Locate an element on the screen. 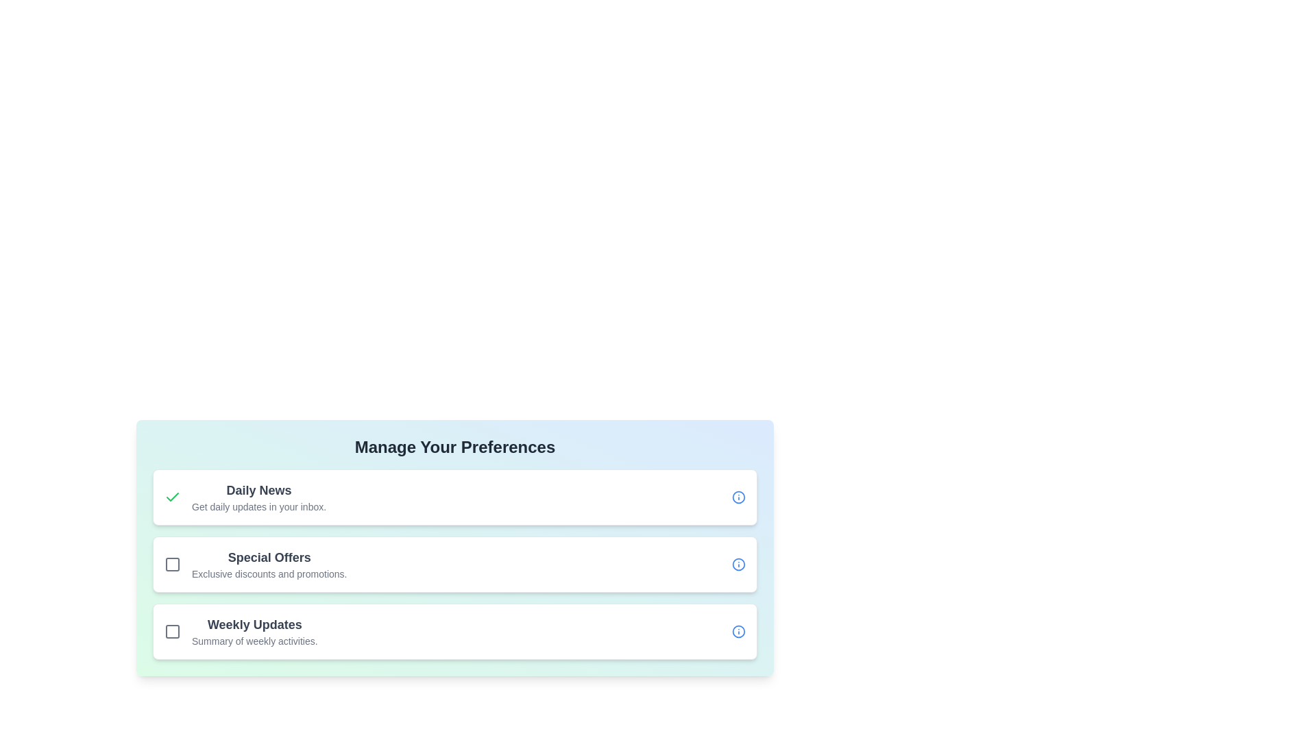 The height and width of the screenshot is (740, 1316). the small rounded square with a red border in the checkbox for 'Weekly Updates' is located at coordinates (172, 631).